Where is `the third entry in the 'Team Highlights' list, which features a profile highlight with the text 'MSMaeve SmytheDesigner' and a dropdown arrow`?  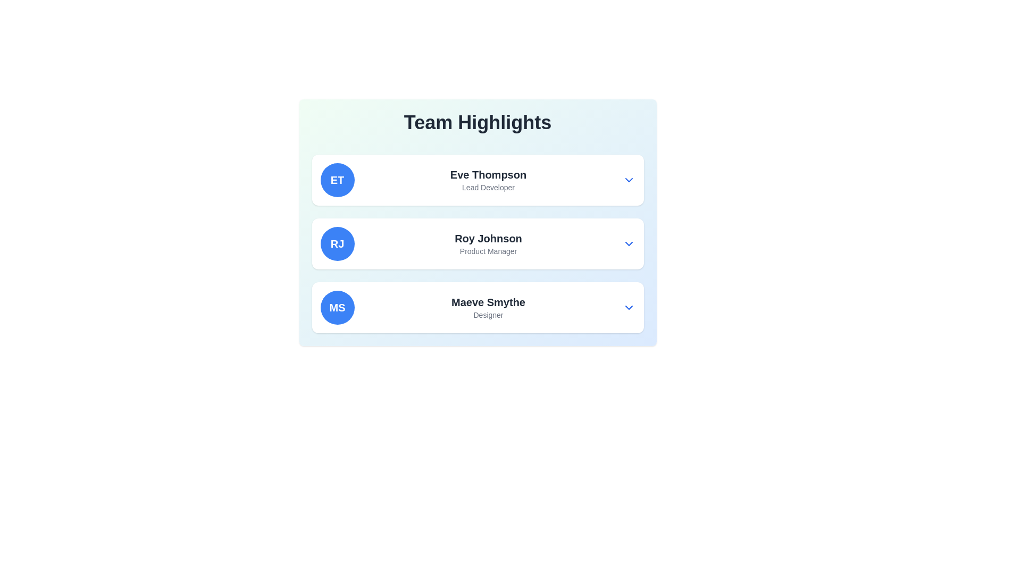 the third entry in the 'Team Highlights' list, which features a profile highlight with the text 'MSMaeve SmytheDesigner' and a dropdown arrow is located at coordinates (477, 307).